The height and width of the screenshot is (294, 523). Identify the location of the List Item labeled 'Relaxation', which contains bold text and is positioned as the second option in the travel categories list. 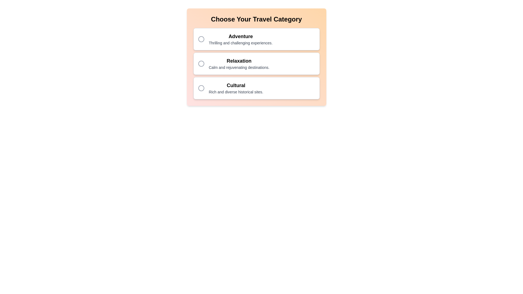
(256, 63).